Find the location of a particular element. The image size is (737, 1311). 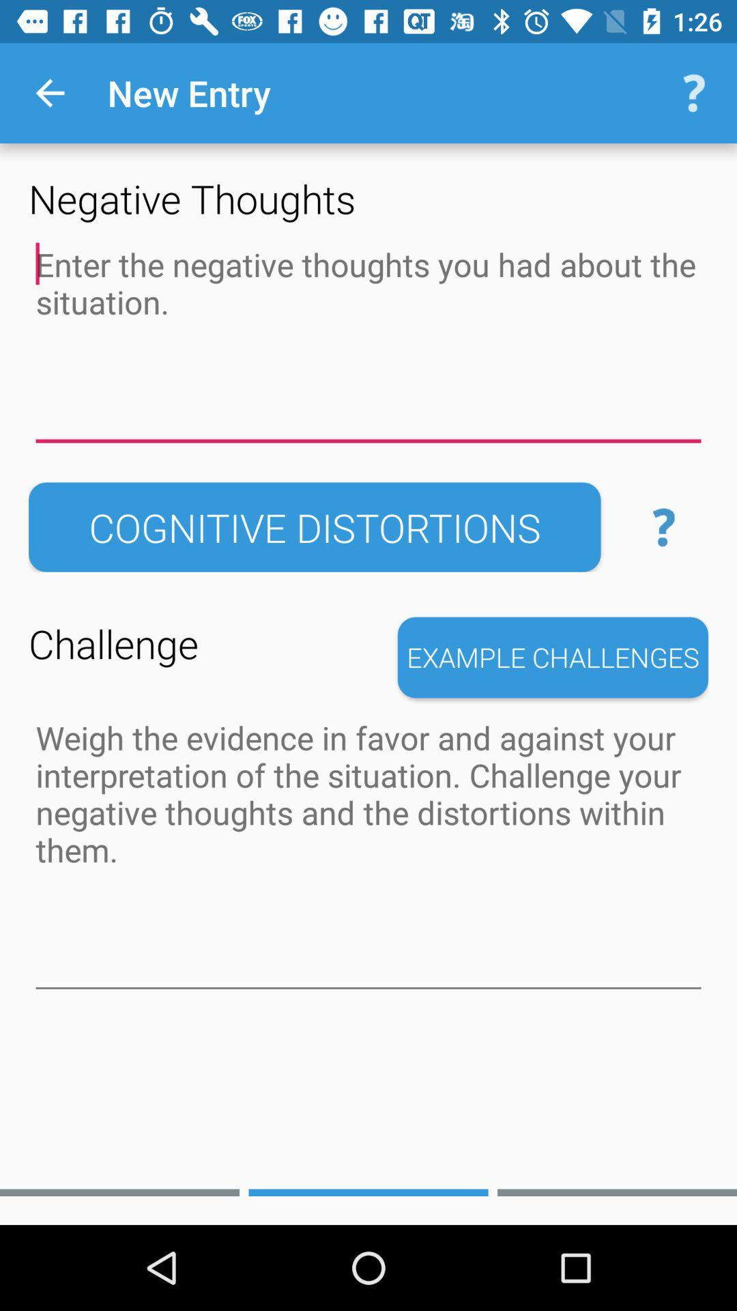

the item above the example challenges item is located at coordinates (663, 526).